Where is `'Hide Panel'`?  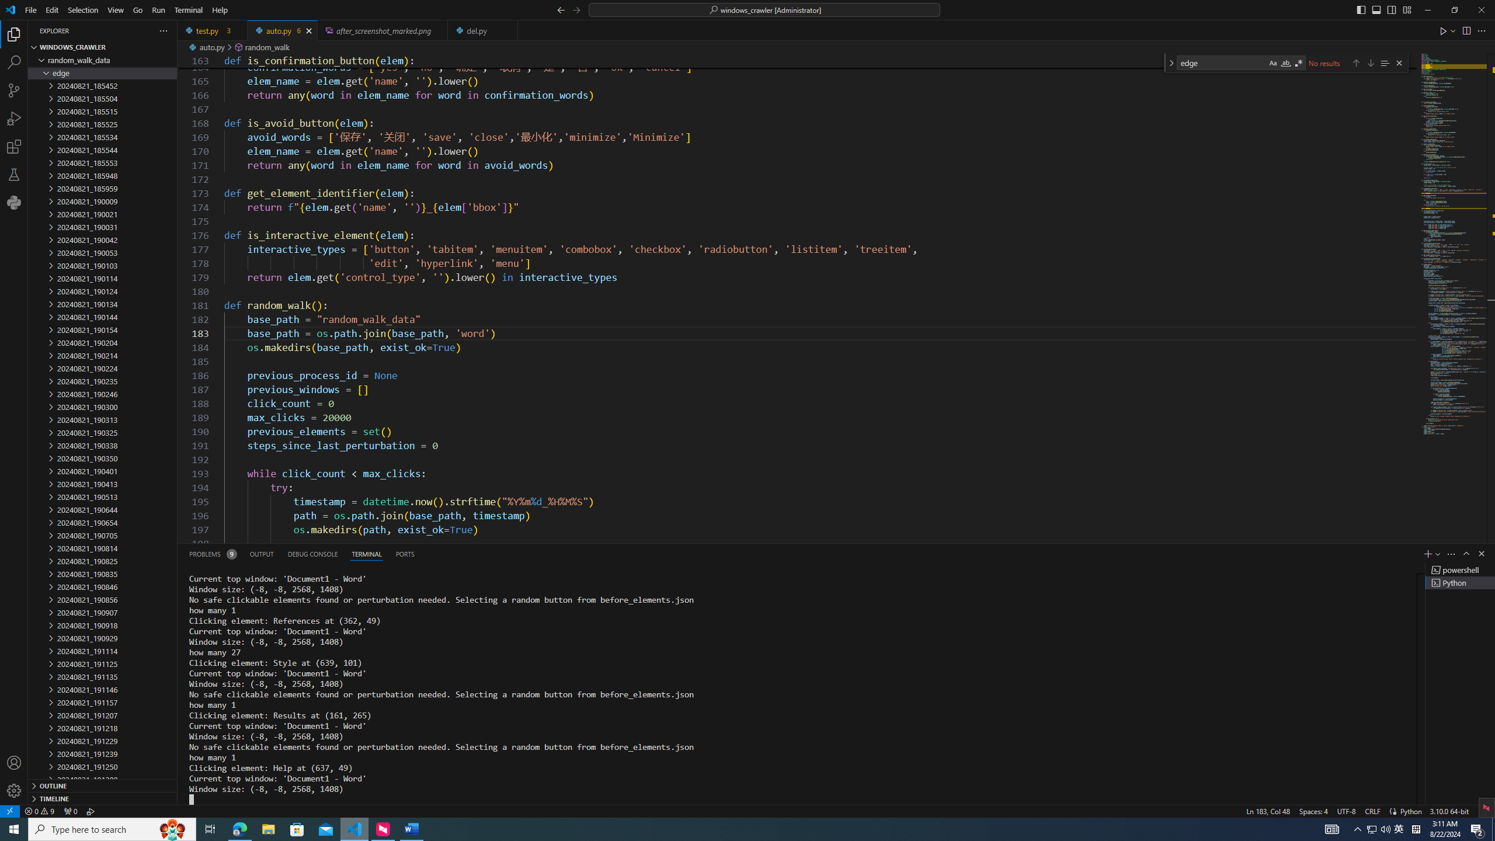
'Hide Panel' is located at coordinates (1480, 553).